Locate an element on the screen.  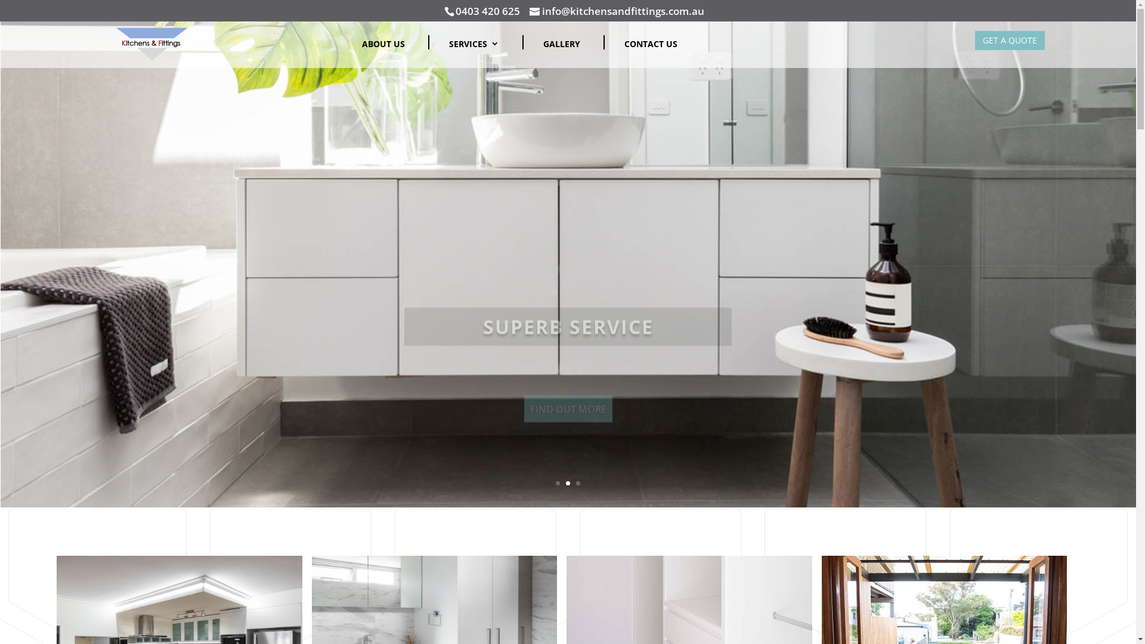
'SERVICES' is located at coordinates (474, 52).